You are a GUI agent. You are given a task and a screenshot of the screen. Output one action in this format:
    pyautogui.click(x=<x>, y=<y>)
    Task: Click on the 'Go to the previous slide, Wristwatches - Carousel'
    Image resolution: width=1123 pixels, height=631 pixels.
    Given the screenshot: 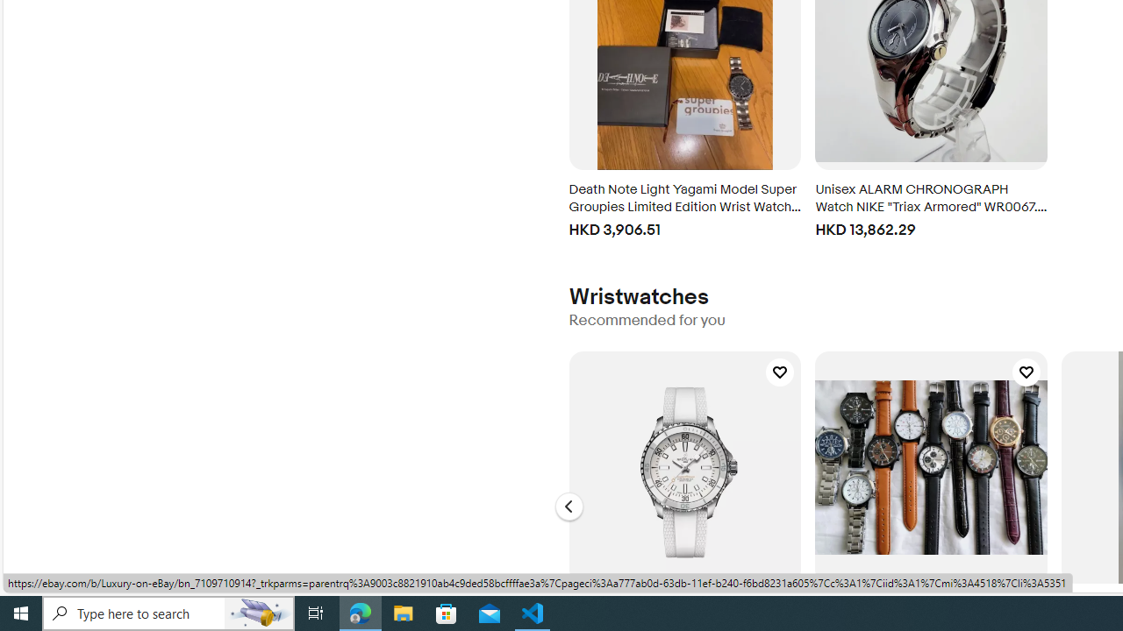 What is the action you would take?
    pyautogui.click(x=569, y=507)
    